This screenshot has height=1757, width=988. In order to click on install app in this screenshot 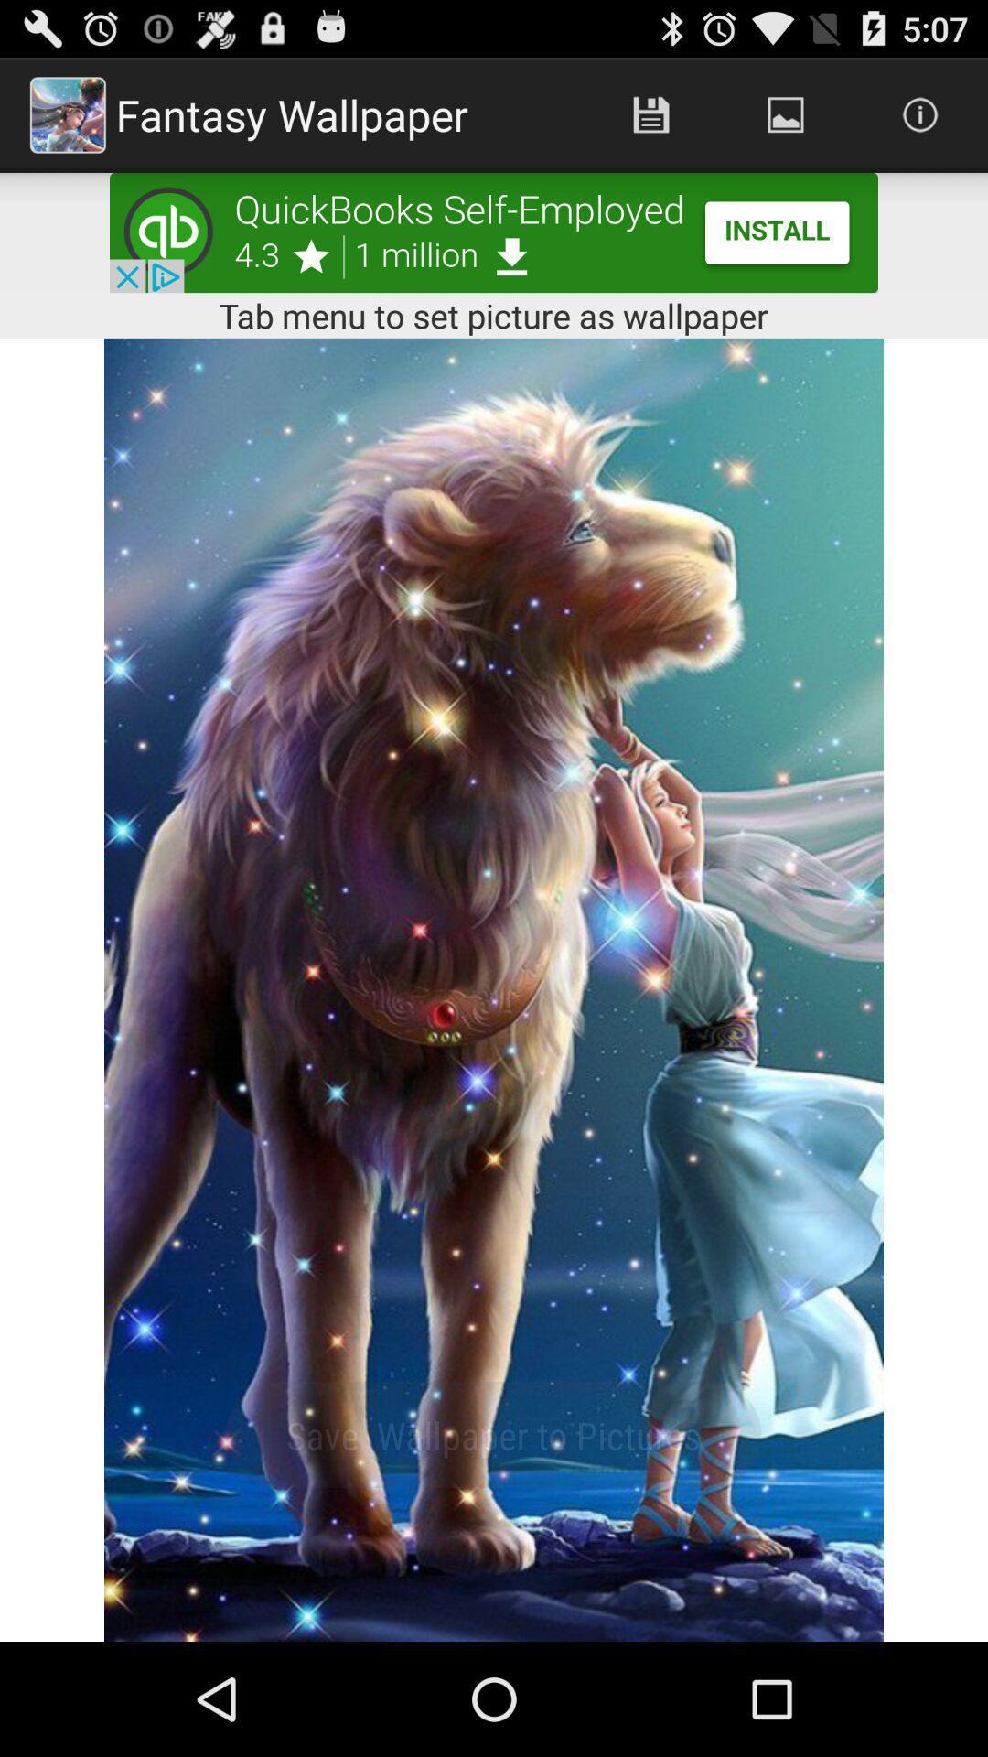, I will do `click(494, 232)`.